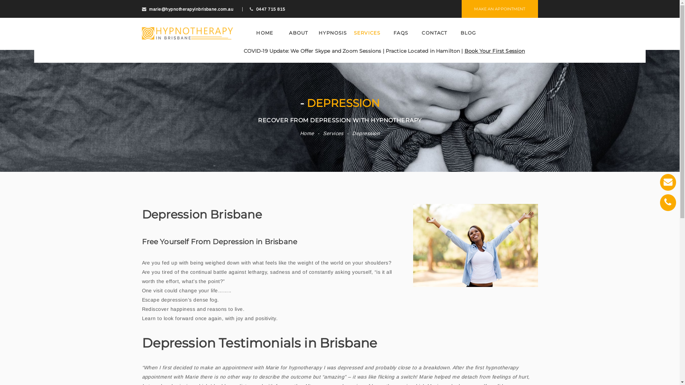 The width and height of the screenshot is (685, 385). I want to click on 'FAQS', so click(401, 33).